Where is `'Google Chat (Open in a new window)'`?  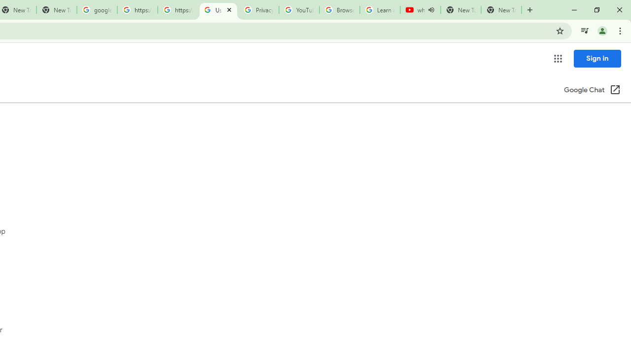
'Google Chat (Open in a new window)' is located at coordinates (592, 90).